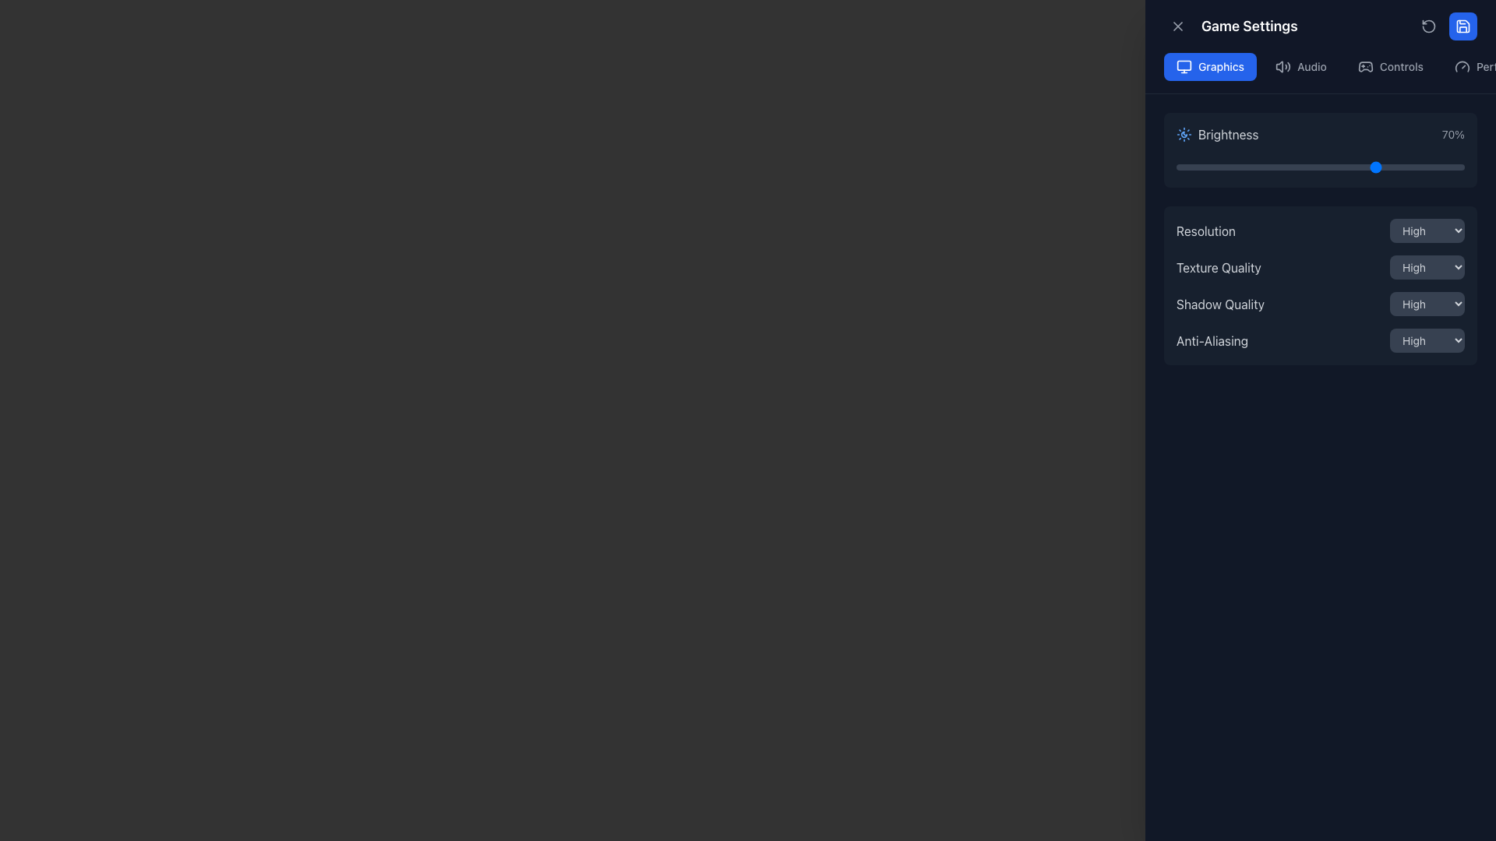 The height and width of the screenshot is (841, 1496). Describe the element at coordinates (1178, 26) in the screenshot. I see `the close button icon (represented as an 'X') in the top-left corner of the settings panel` at that location.